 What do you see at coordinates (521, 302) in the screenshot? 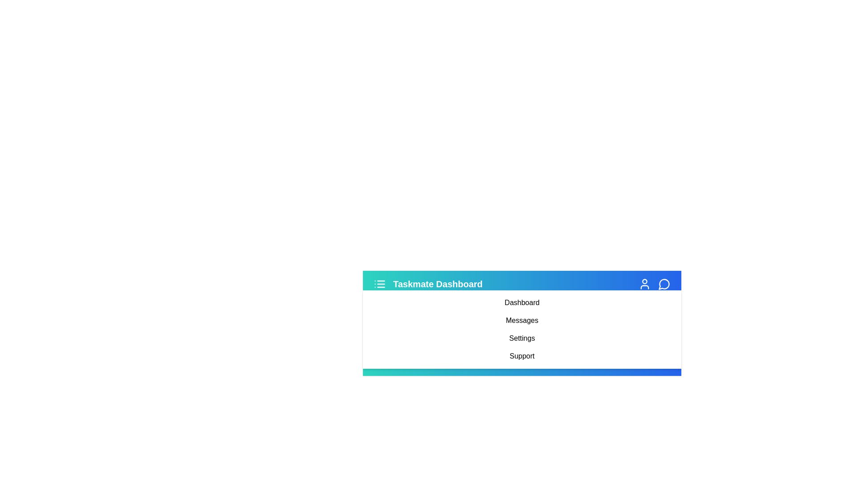
I see `the 'Dashboard' link in the sidebar to navigate to the Dashboard section` at bounding box center [521, 302].